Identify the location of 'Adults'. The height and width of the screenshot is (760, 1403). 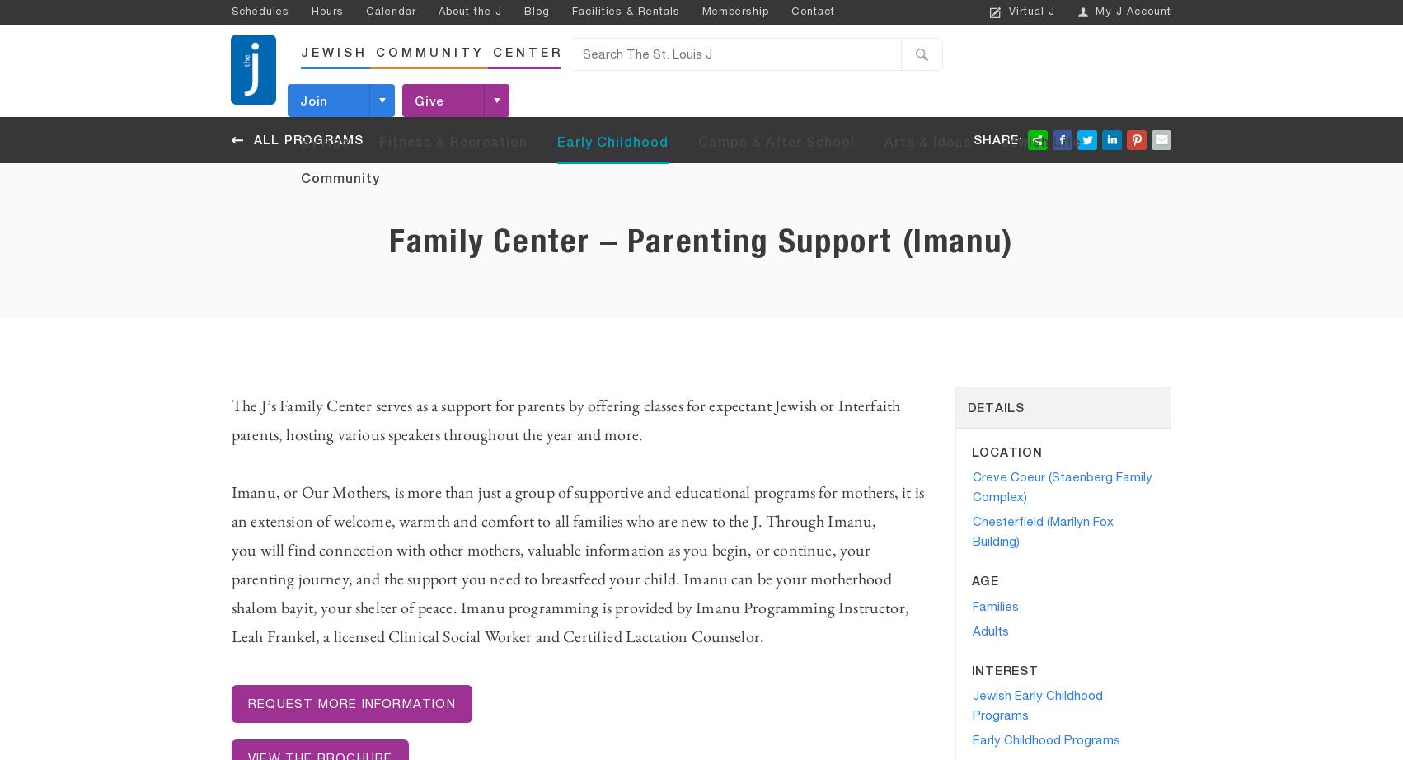
(989, 630).